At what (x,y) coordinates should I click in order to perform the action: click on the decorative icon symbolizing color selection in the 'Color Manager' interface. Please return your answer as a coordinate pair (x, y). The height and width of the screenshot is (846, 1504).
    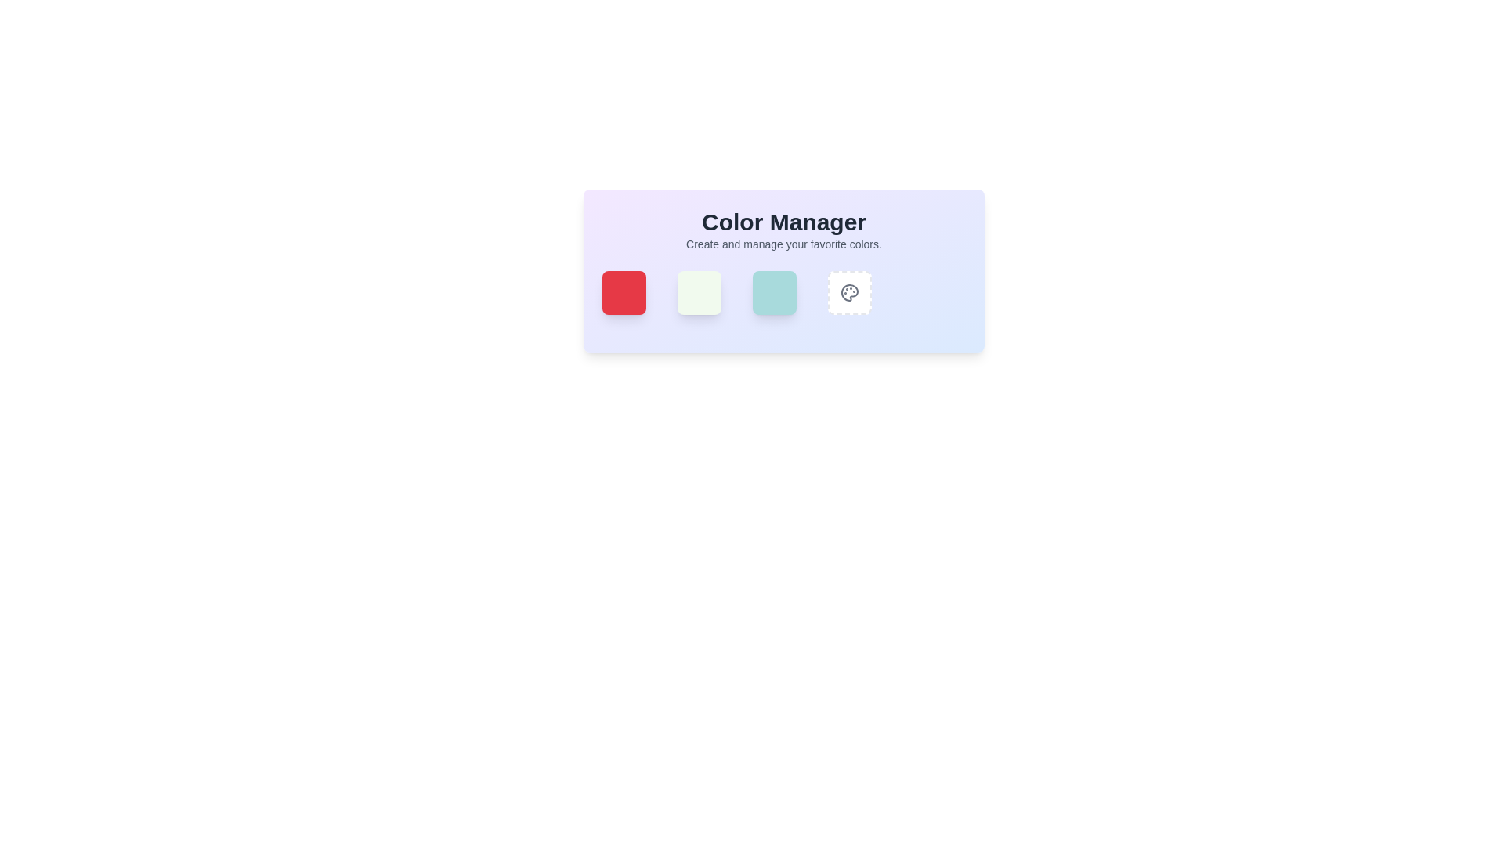
    Looking at the image, I should click on (848, 293).